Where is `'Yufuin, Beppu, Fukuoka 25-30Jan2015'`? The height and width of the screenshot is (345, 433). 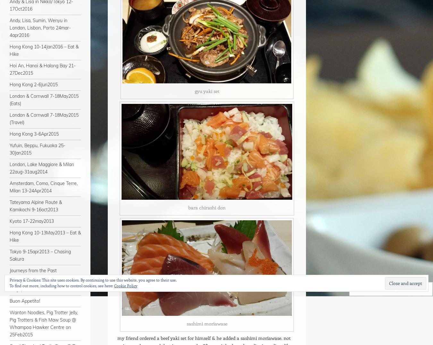 'Yufuin, Beppu, Fukuoka 25-30Jan2015' is located at coordinates (38, 149).